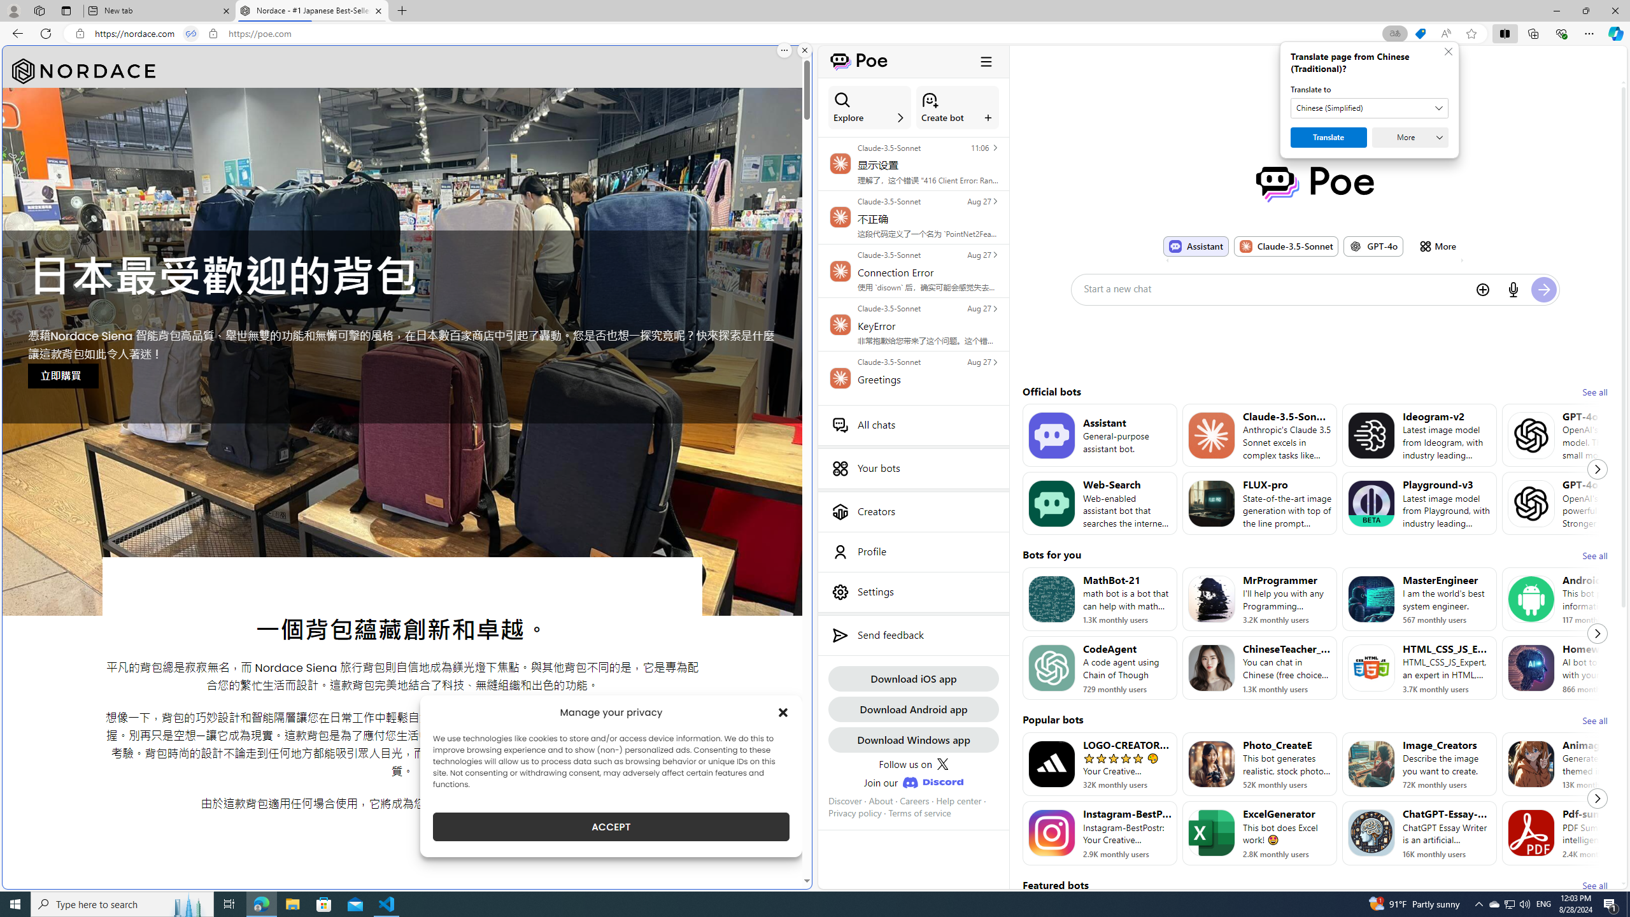 This screenshot has width=1630, height=917. What do you see at coordinates (1210, 668) in the screenshot?
I see `'Bot image for ChineseTeacher_Lily'` at bounding box center [1210, 668].